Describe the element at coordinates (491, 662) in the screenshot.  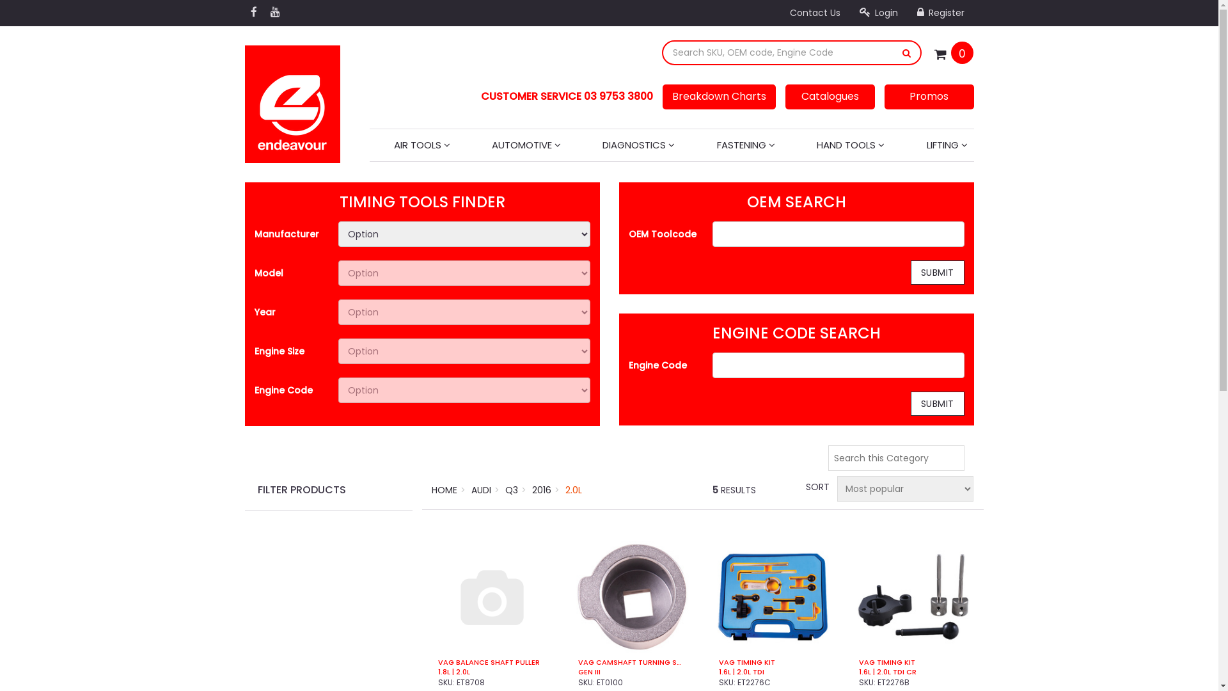
I see `'VAG BALANCE SHAFT PULLER'` at that location.